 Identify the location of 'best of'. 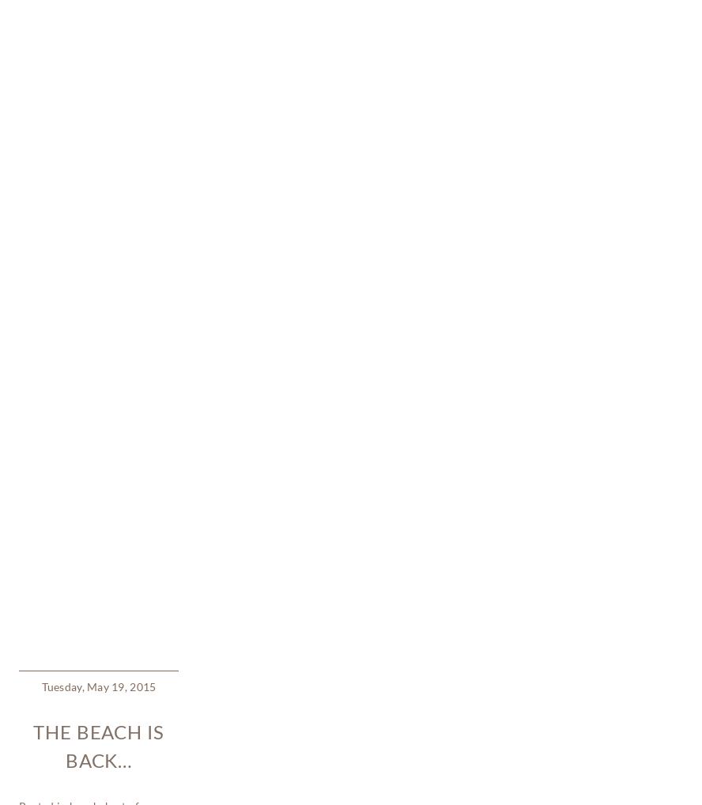
(121, 331).